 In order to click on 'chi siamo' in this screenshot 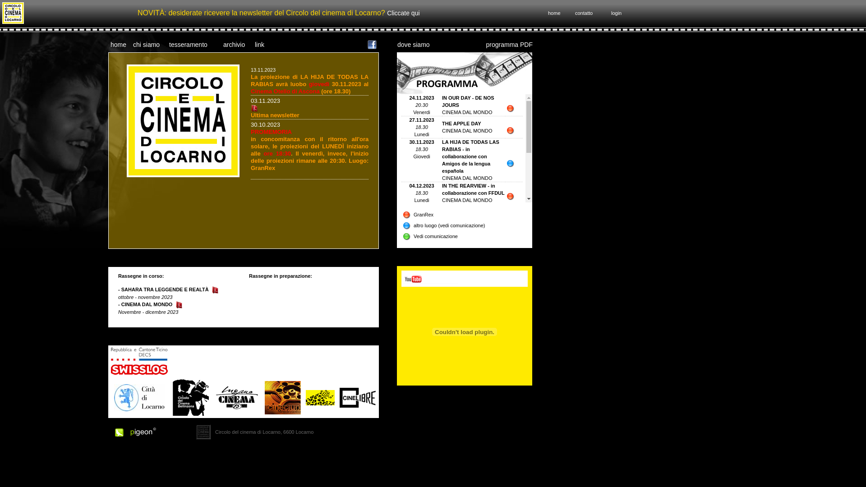, I will do `click(146, 44)`.